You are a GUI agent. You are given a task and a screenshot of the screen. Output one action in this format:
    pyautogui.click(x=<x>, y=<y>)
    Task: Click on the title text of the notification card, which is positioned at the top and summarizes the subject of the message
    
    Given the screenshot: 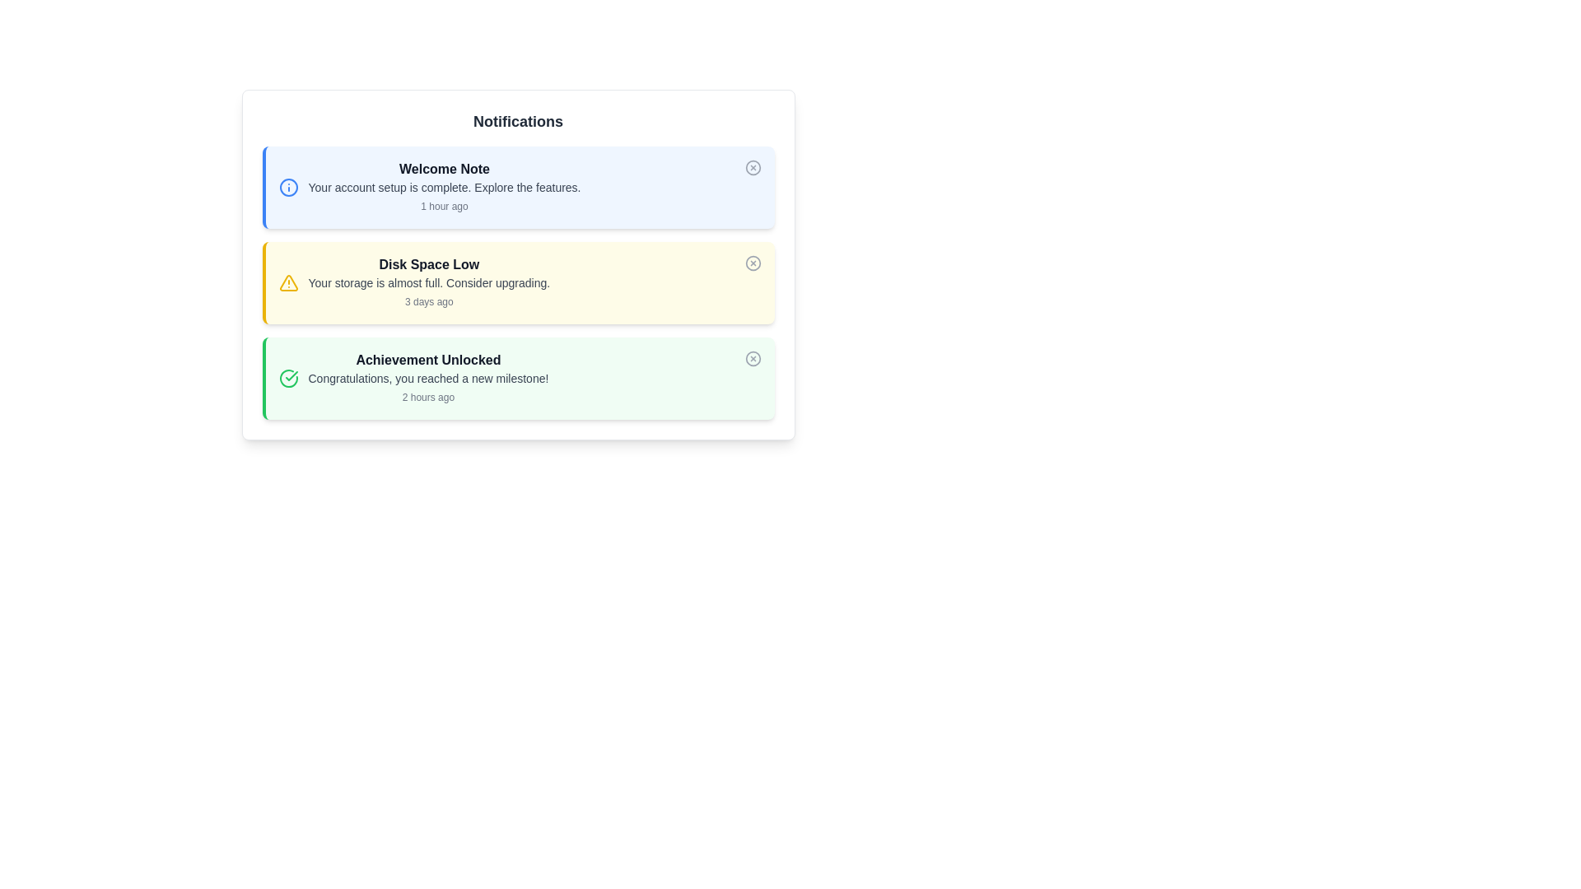 What is the action you would take?
    pyautogui.click(x=445, y=169)
    